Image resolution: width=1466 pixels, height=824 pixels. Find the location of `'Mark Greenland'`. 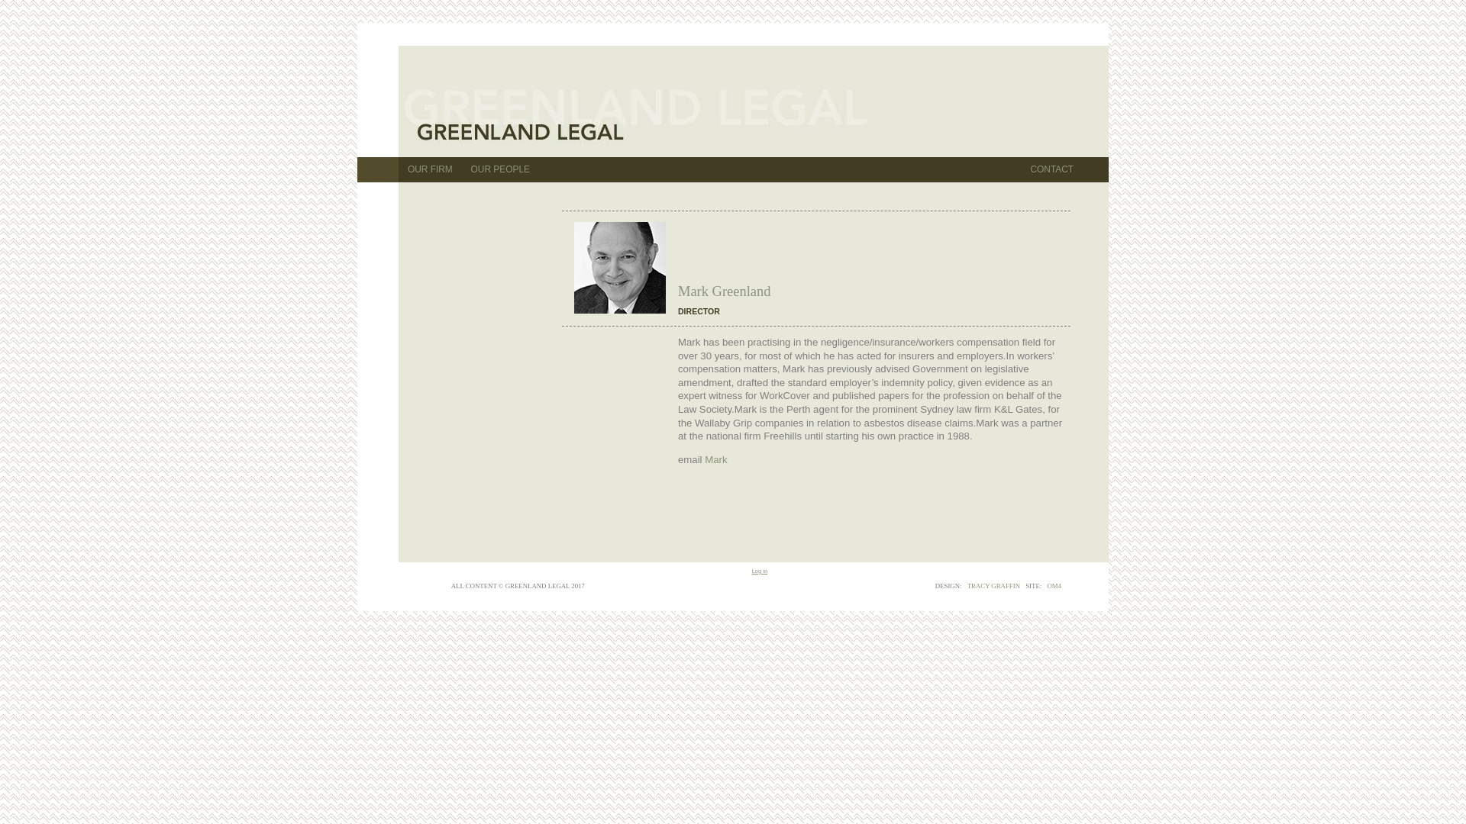

'Mark Greenland' is located at coordinates (619, 267).